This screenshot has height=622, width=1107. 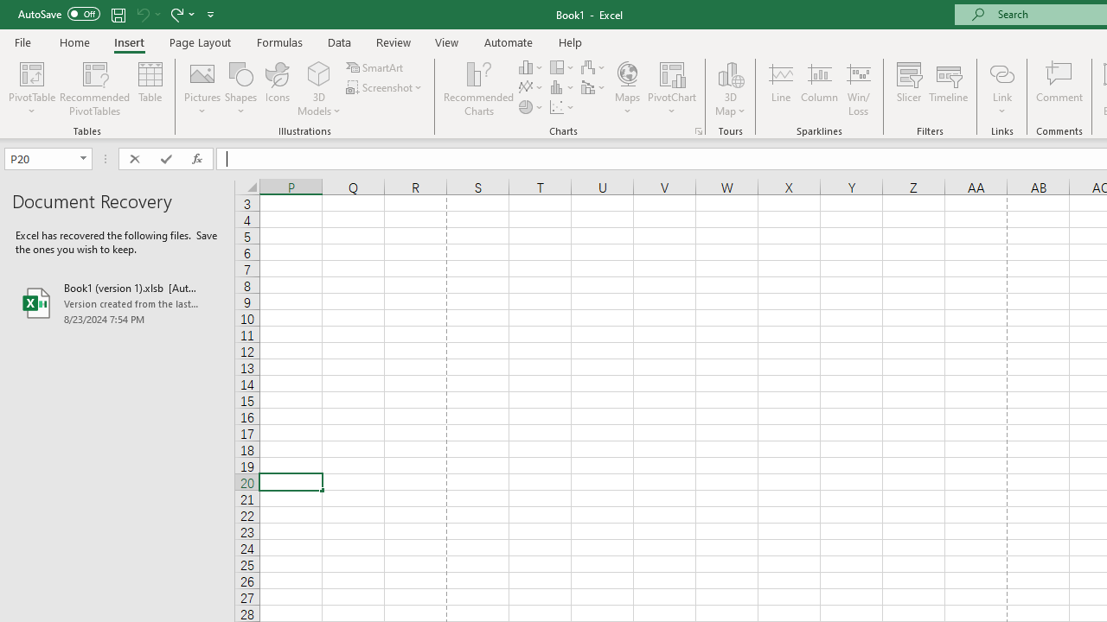 I want to click on 'PivotChart', so click(x=671, y=89).